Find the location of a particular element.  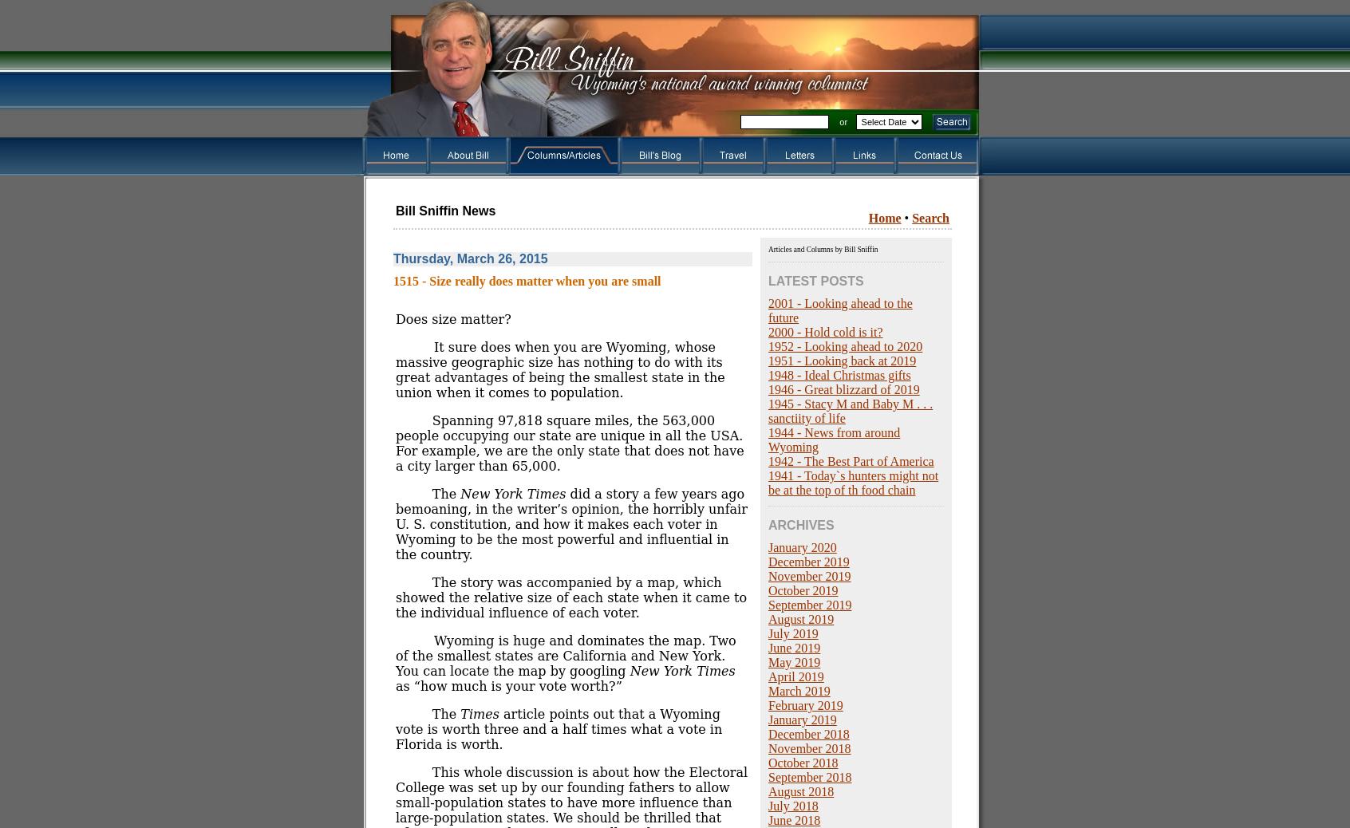

'For example, we are the only state that does
not have a city larger than 65,000.' is located at coordinates (569, 457).